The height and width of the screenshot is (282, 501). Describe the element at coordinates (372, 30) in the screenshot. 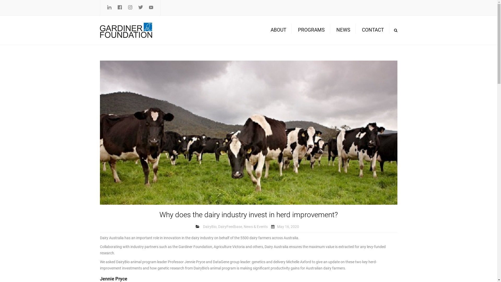

I see `'CONTACT'` at that location.